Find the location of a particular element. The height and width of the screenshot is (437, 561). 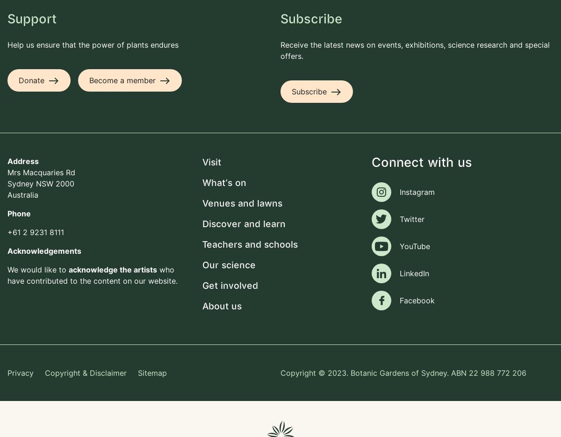

'Acknowledgements' is located at coordinates (7, 250).